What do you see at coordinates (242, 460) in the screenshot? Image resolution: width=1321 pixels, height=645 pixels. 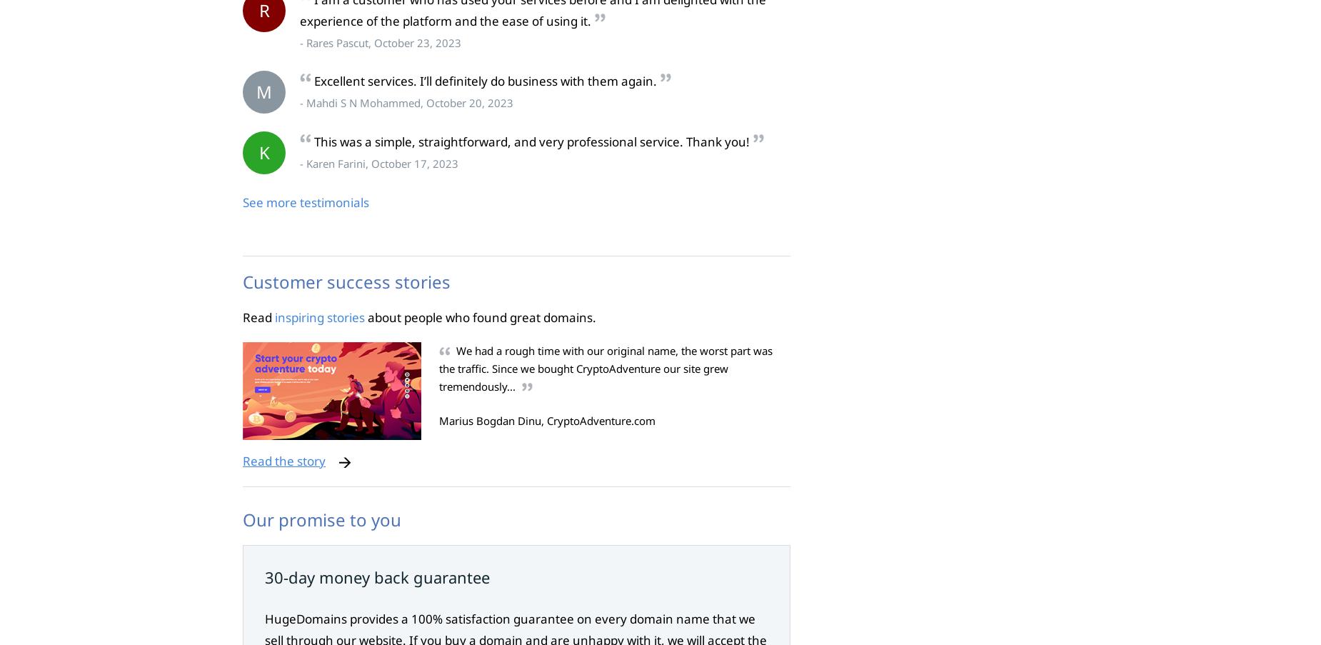 I see `'Read the story'` at bounding box center [242, 460].